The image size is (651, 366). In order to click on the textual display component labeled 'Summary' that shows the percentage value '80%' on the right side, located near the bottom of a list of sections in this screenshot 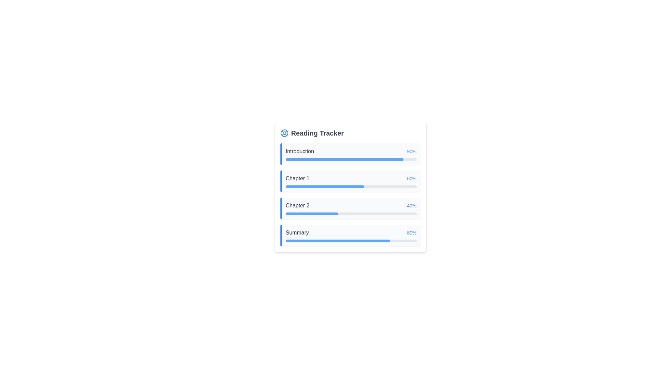, I will do `click(351, 232)`.